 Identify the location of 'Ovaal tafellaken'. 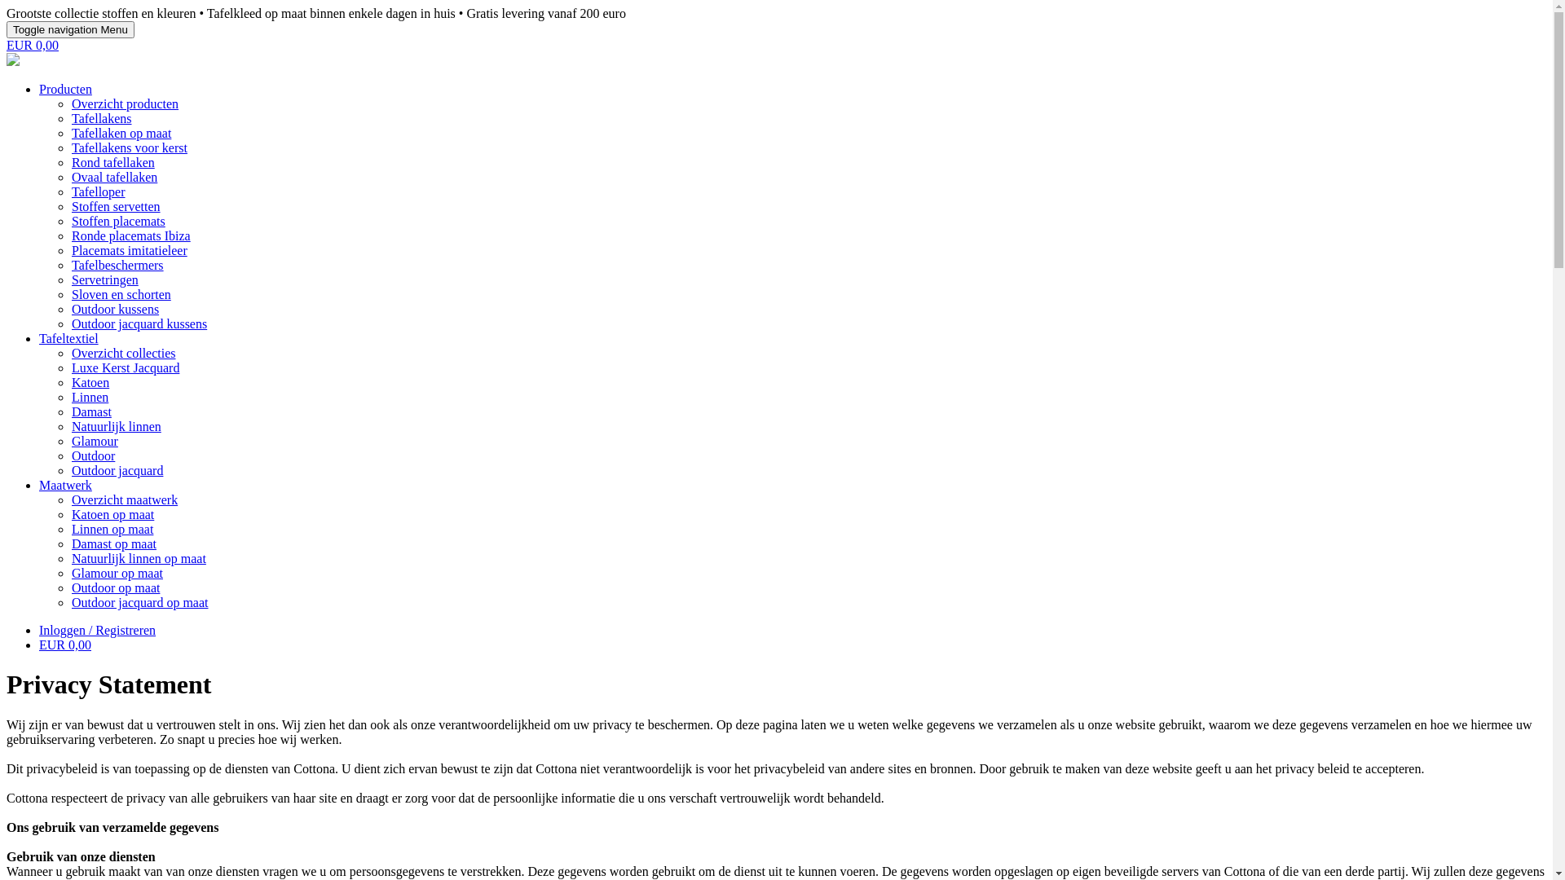
(70, 177).